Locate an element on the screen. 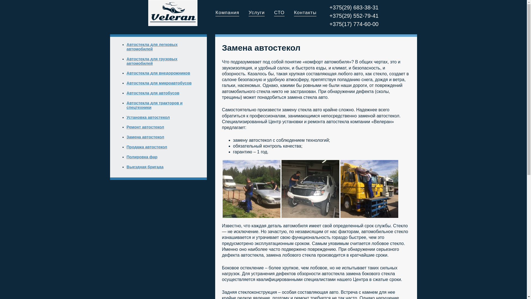 This screenshot has height=299, width=531. '+375(29) 683-38-31' is located at coordinates (353, 7).